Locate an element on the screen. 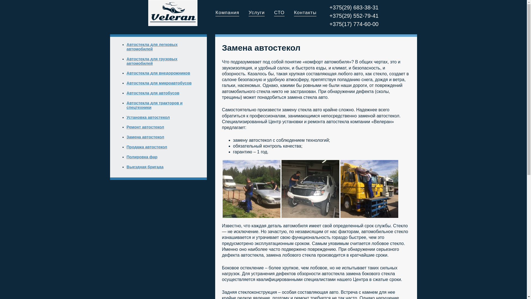 This screenshot has height=299, width=531. '+375(29) 683-38-31' is located at coordinates (353, 7).